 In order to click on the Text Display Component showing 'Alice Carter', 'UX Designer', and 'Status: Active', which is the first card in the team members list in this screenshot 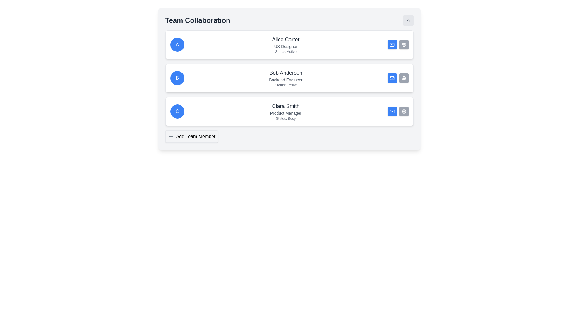, I will do `click(286, 44)`.